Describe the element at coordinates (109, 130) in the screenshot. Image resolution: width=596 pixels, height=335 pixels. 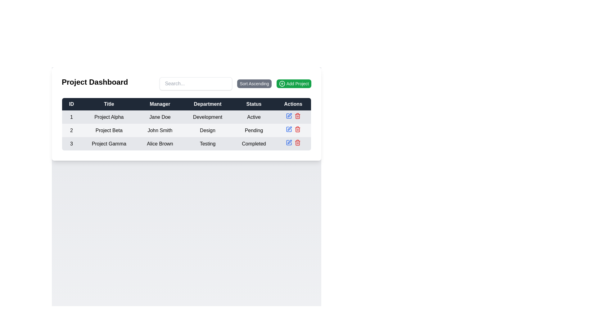
I see `the text label displaying 'Project Beta' located in the second row under the 'Title' column of the table` at that location.